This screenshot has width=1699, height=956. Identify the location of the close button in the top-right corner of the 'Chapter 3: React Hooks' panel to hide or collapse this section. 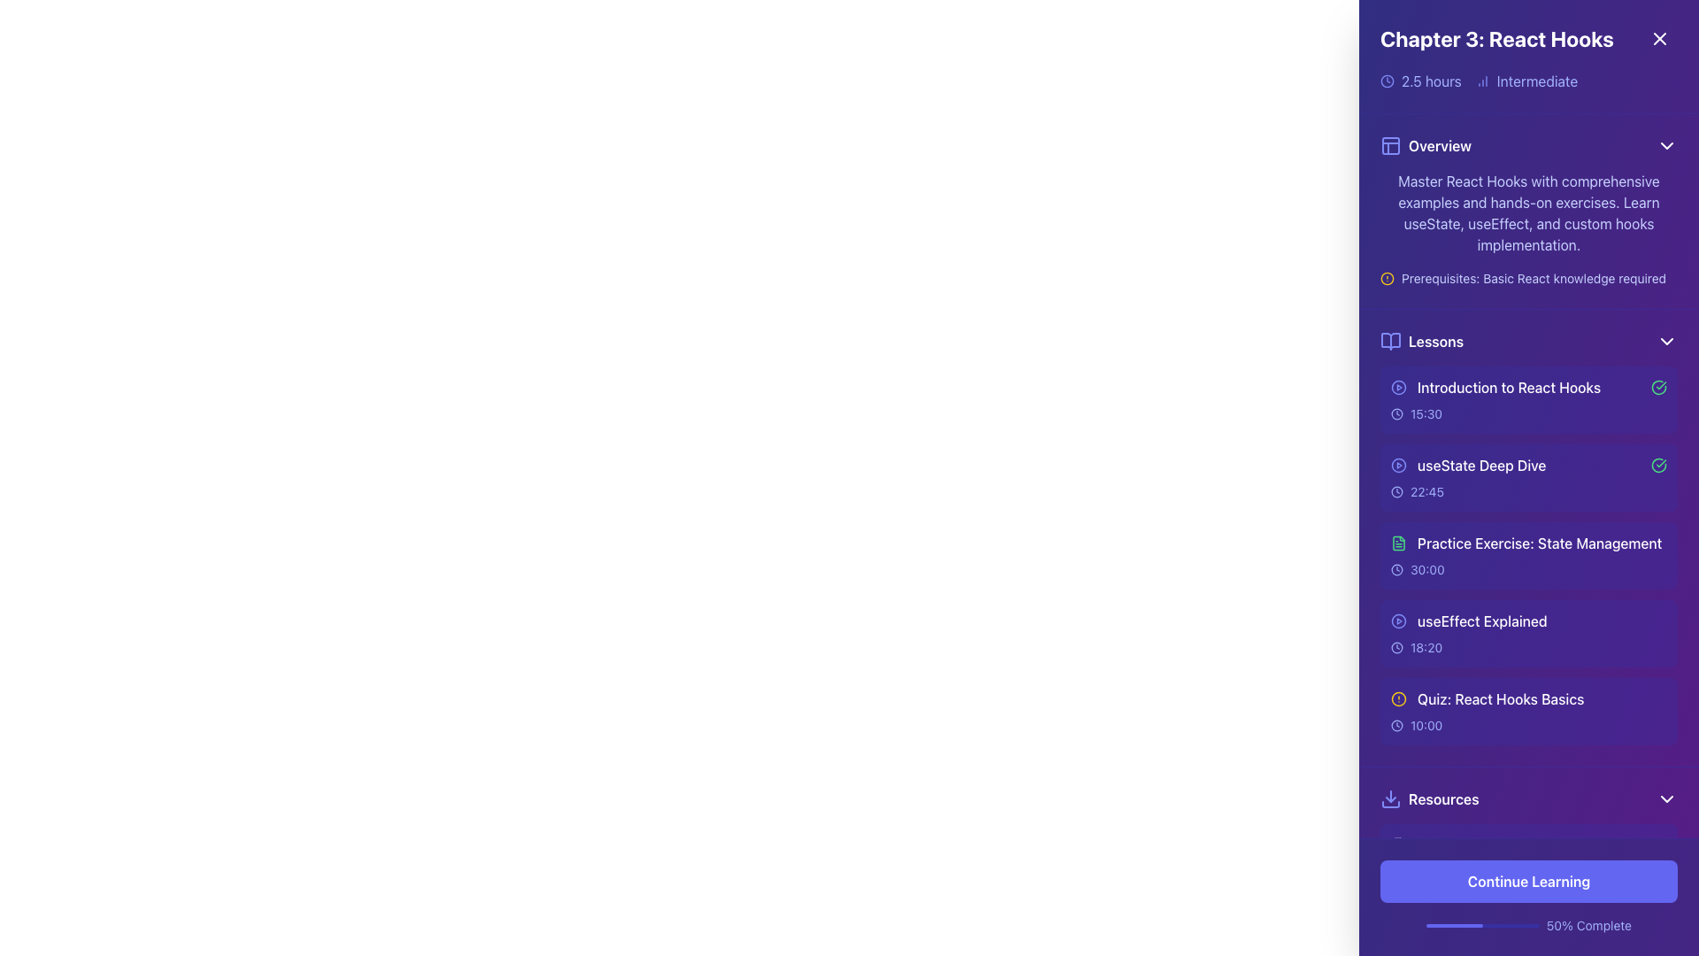
(1659, 38).